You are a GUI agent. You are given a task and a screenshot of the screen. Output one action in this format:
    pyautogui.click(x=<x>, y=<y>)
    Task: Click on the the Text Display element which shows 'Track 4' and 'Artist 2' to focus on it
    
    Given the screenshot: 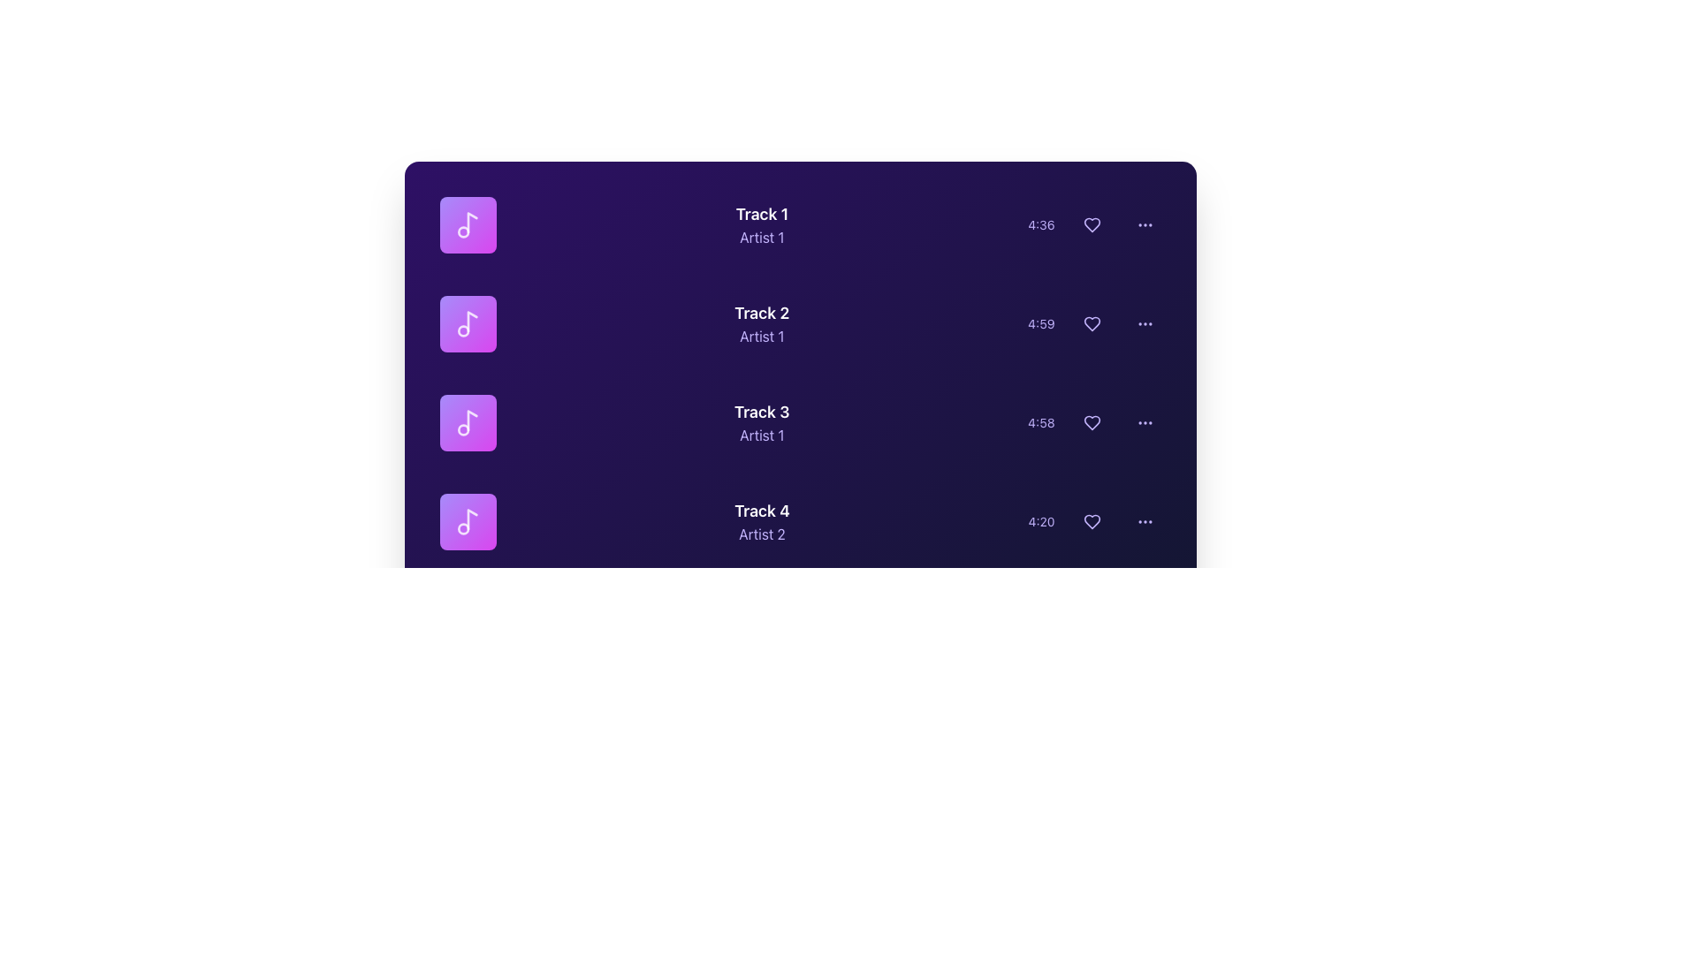 What is the action you would take?
    pyautogui.click(x=762, y=520)
    